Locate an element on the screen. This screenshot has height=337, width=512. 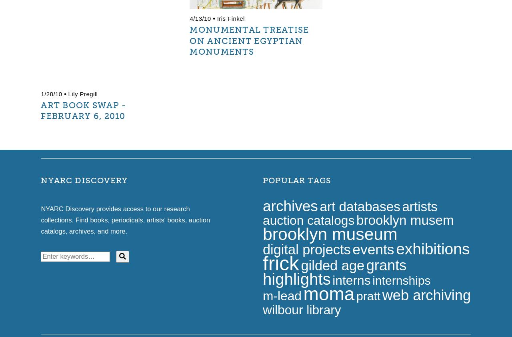
'interns' is located at coordinates (351, 280).